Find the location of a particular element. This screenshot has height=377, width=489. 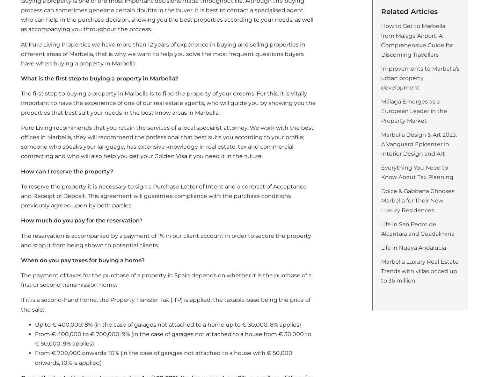

'Everything You Need to Know About Tax Planning' is located at coordinates (417, 172).